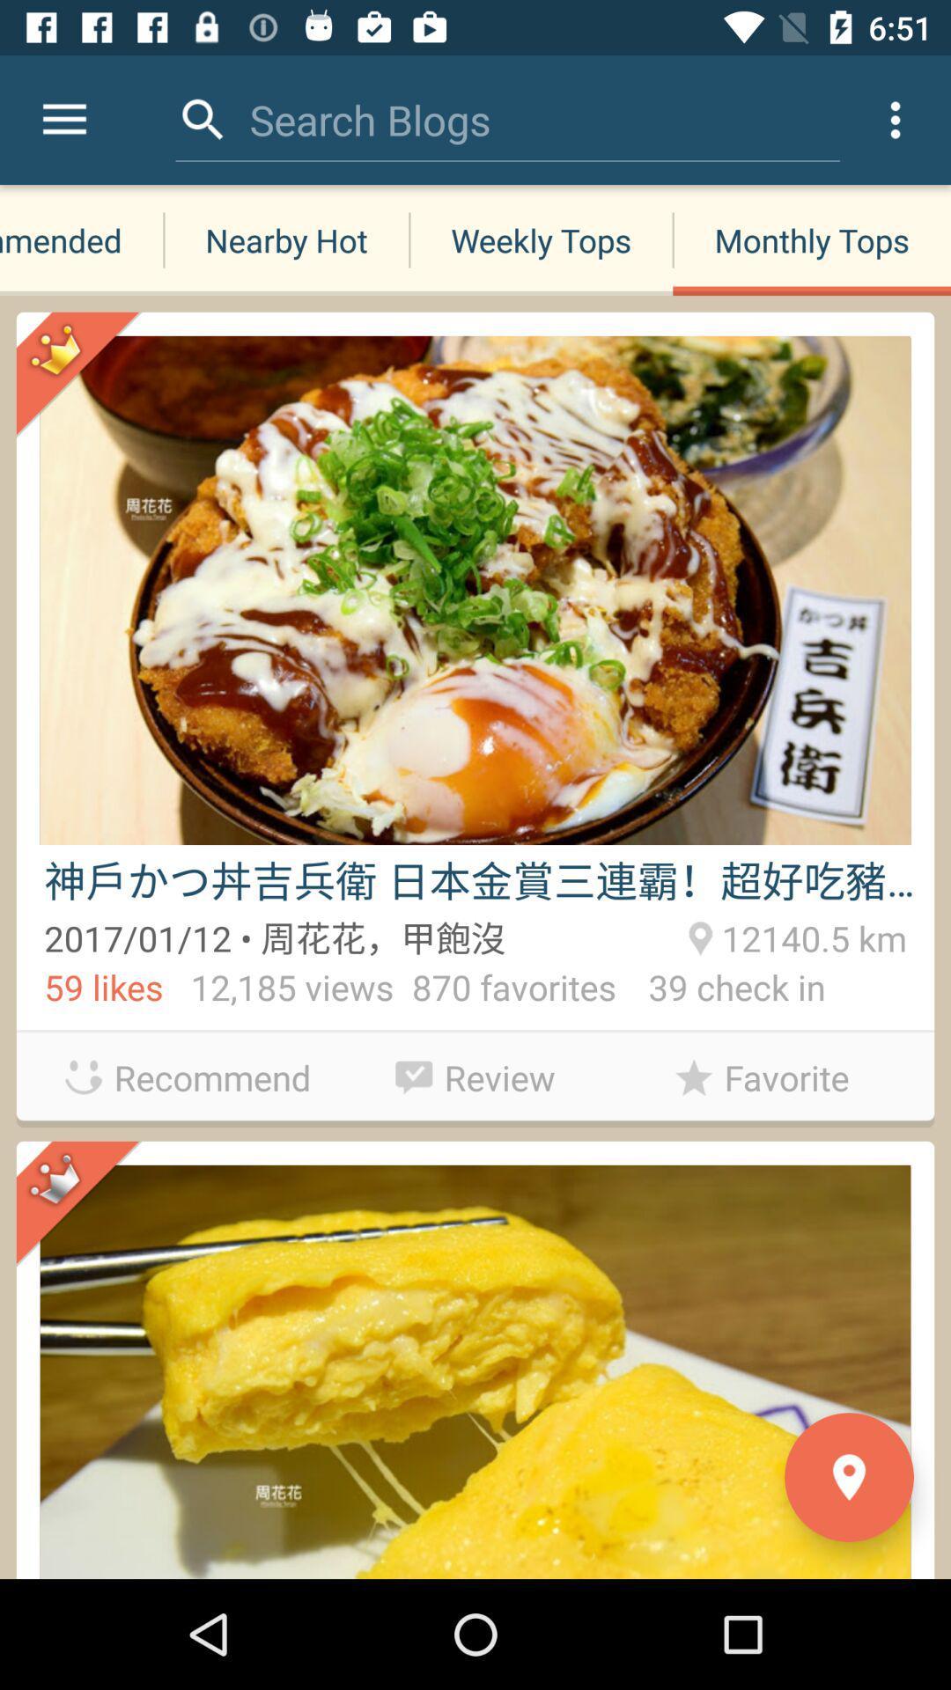 The height and width of the screenshot is (1690, 951). Describe the element at coordinates (285, 239) in the screenshot. I see `item below search blogs item` at that location.